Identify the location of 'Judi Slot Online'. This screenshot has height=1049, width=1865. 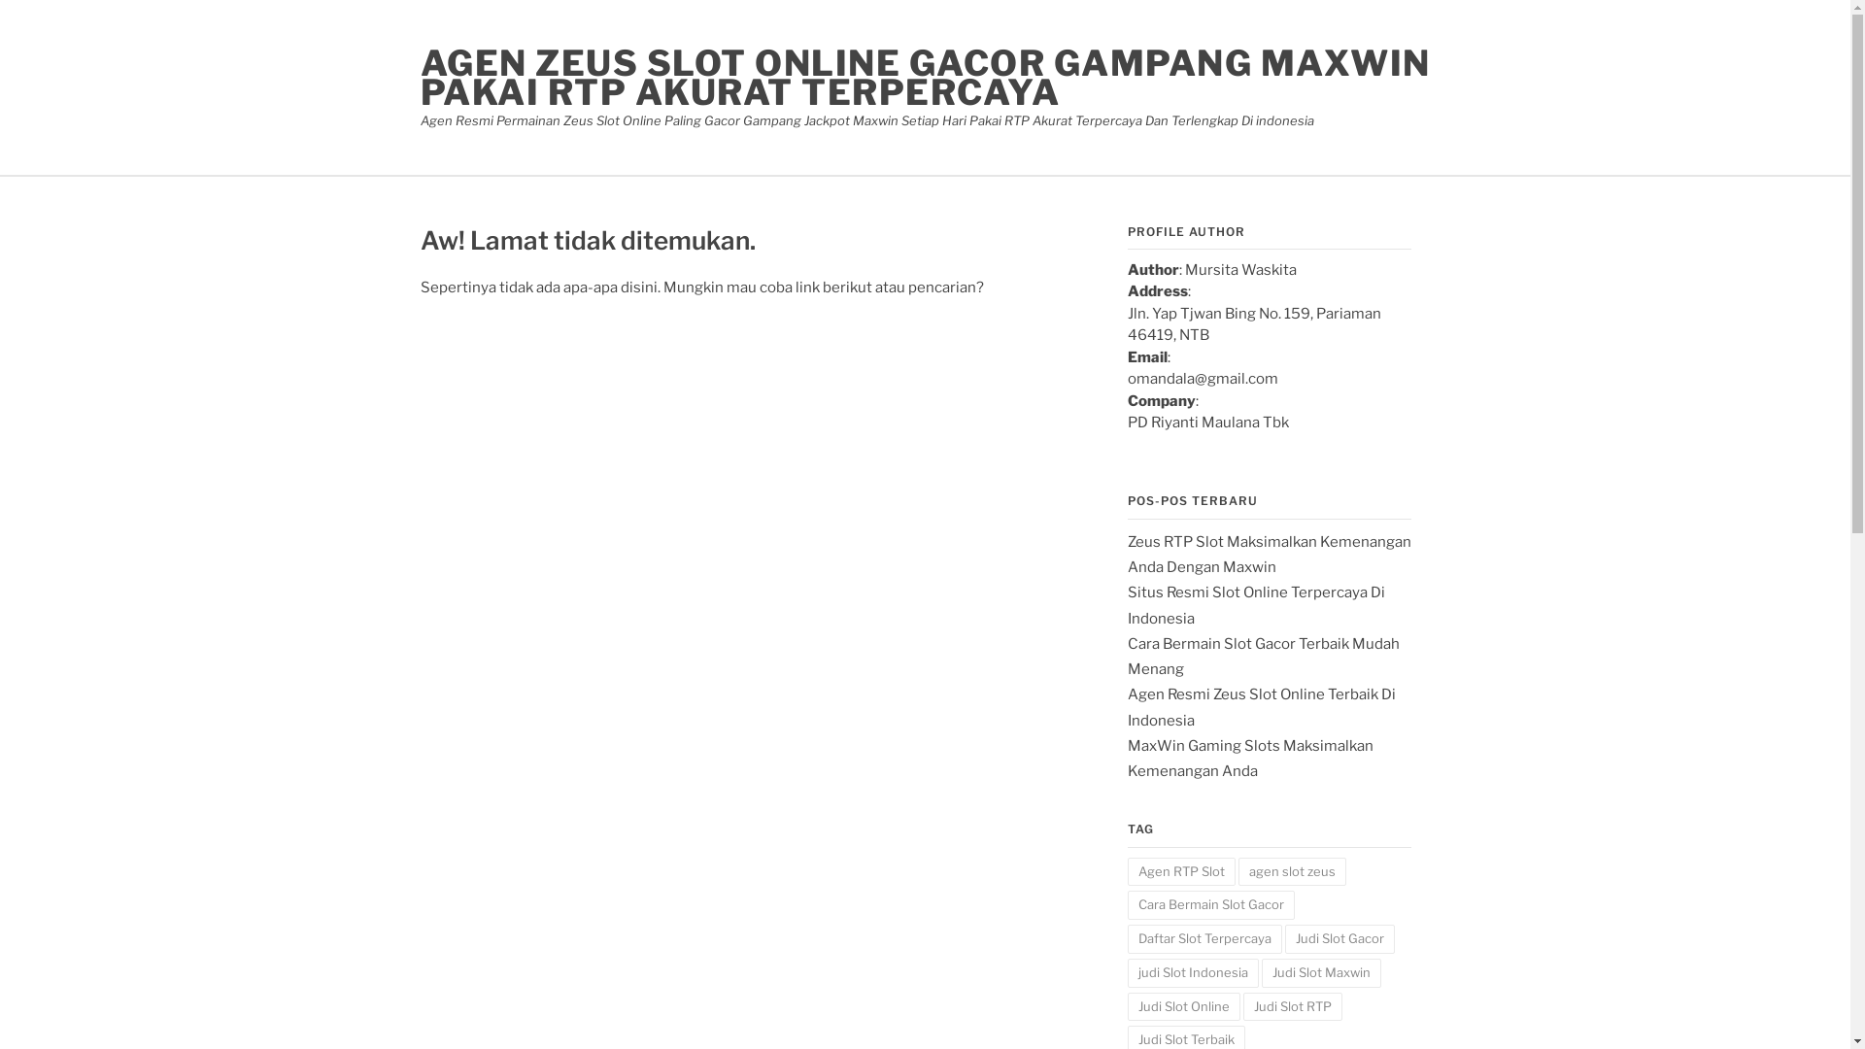
(1182, 1006).